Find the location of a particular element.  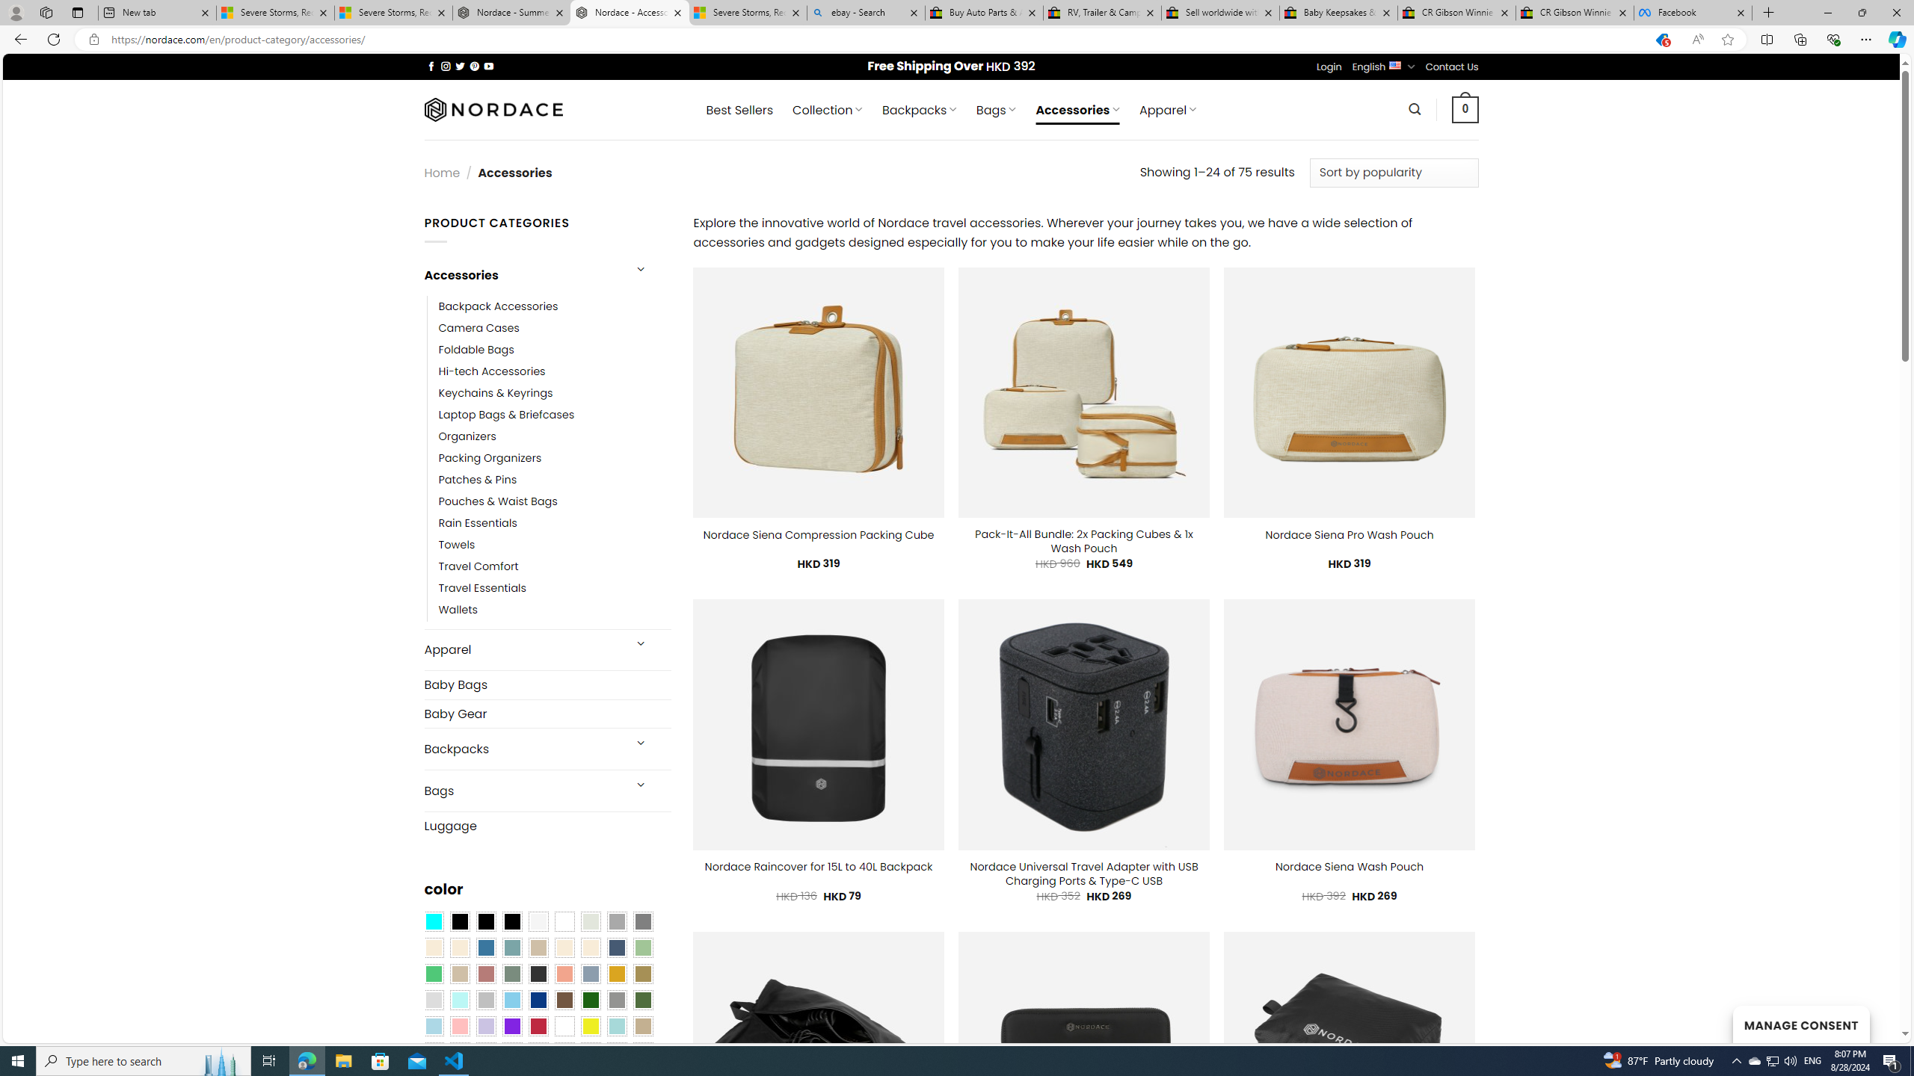

'Wallets' is located at coordinates (458, 610).